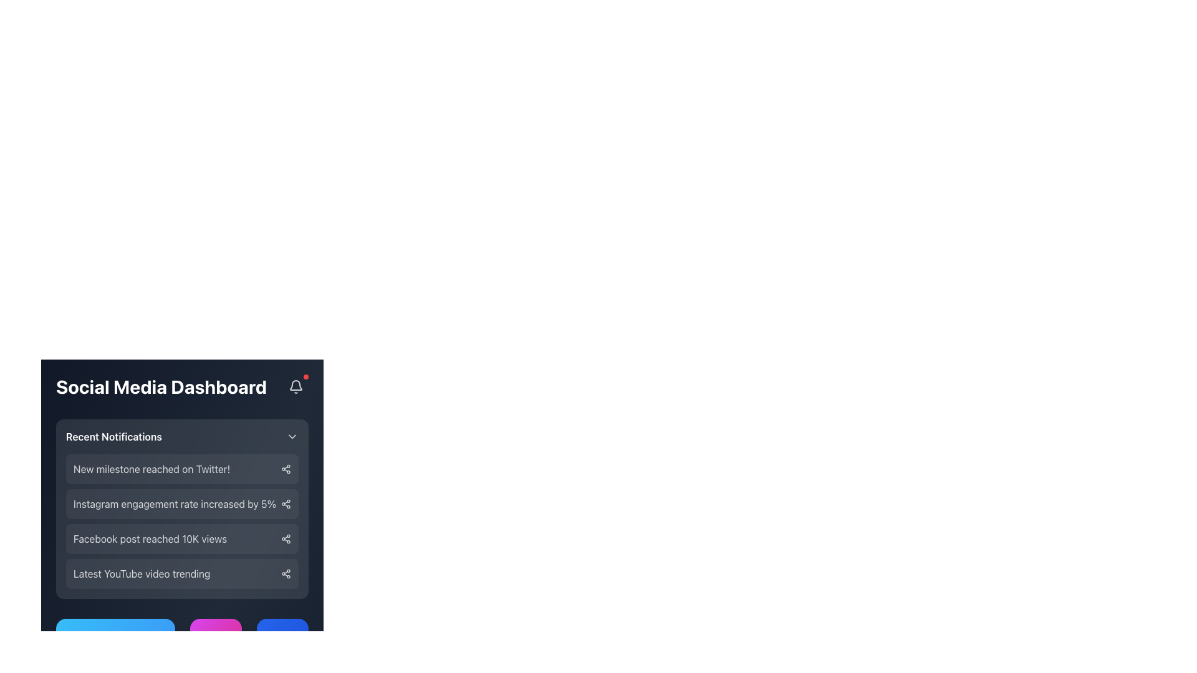  I want to click on the text notification reading 'New milestone reached on Twitter!' in the Recent Notifications section of the Social Media Dashboard, so click(151, 469).